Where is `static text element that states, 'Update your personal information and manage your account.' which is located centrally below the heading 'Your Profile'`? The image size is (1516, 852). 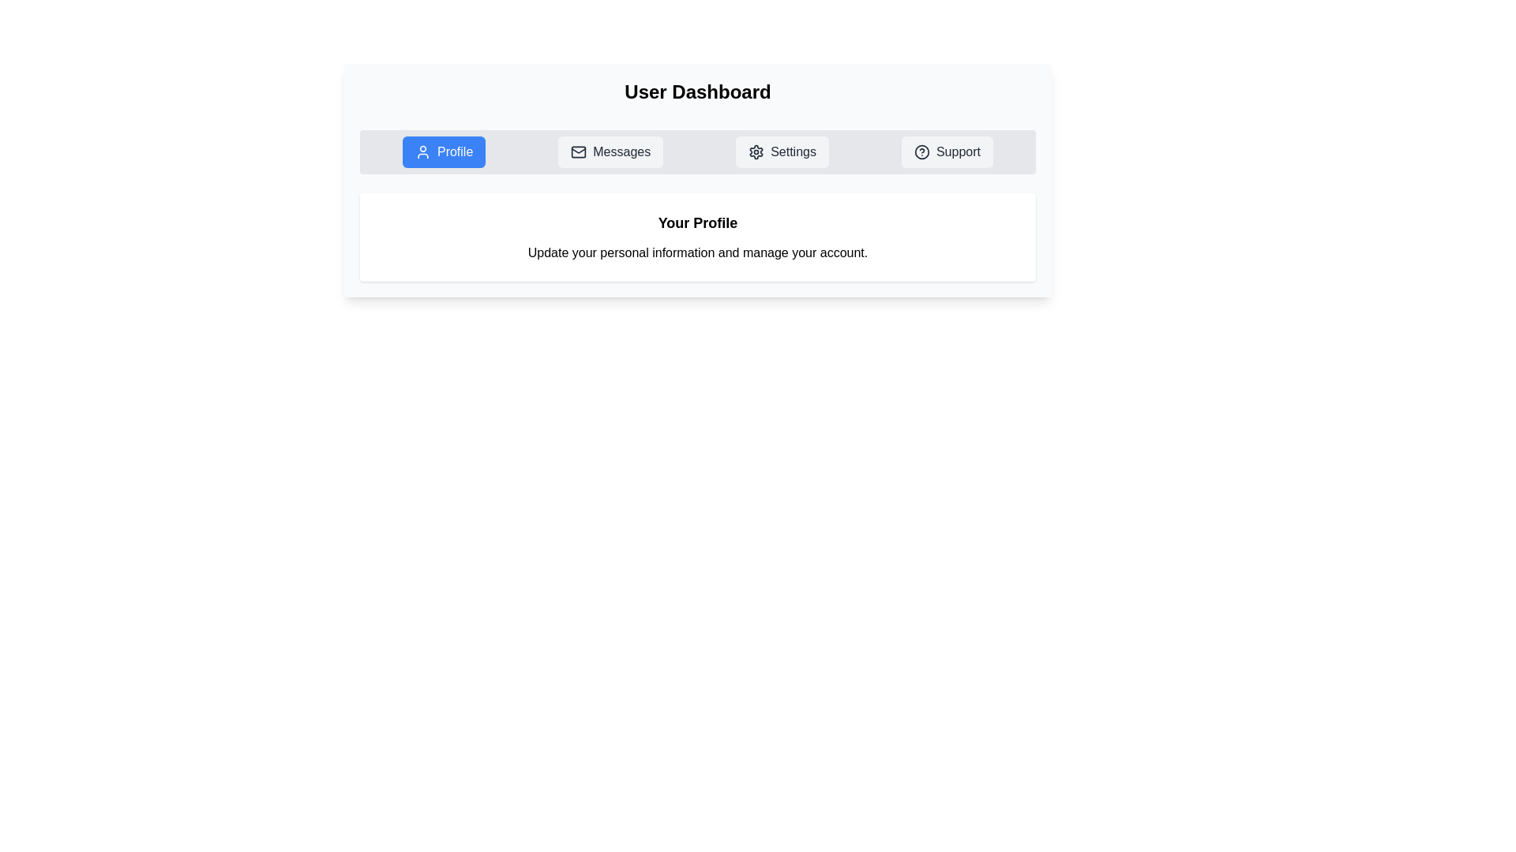
static text element that states, 'Update your personal information and manage your account.' which is located centrally below the heading 'Your Profile' is located at coordinates (696, 252).